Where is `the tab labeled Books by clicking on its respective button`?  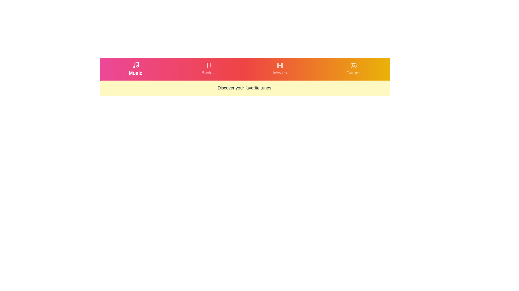 the tab labeled Books by clicking on its respective button is located at coordinates (207, 69).